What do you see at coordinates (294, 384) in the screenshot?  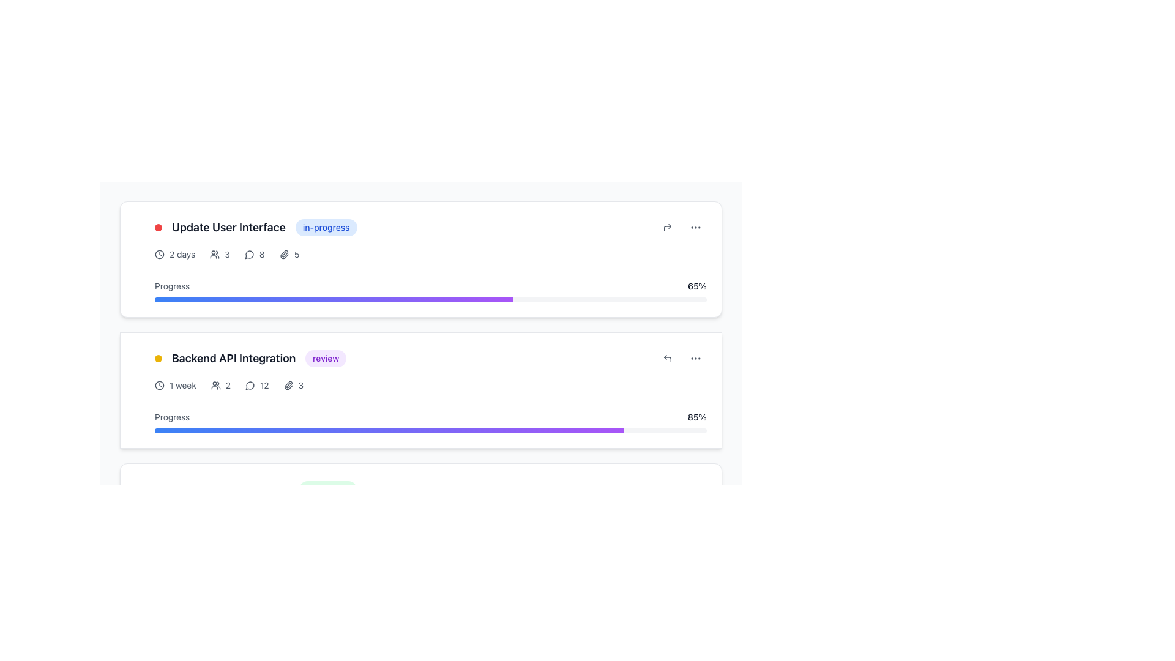 I see `the paperclip icon in the Attachment count indicator` at bounding box center [294, 384].